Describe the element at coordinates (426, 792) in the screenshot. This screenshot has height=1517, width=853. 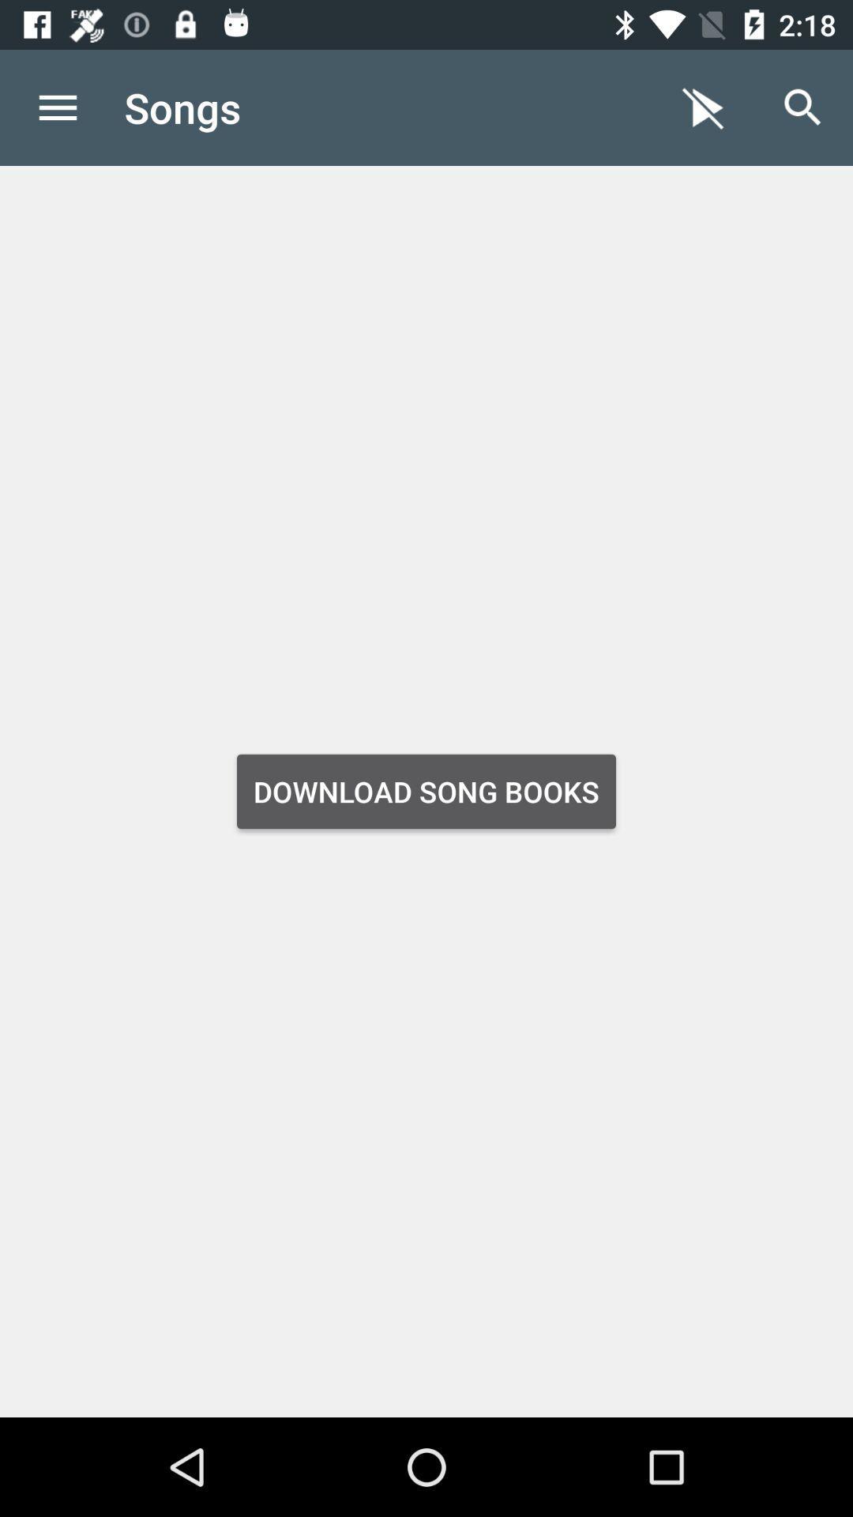
I see `download song books item` at that location.